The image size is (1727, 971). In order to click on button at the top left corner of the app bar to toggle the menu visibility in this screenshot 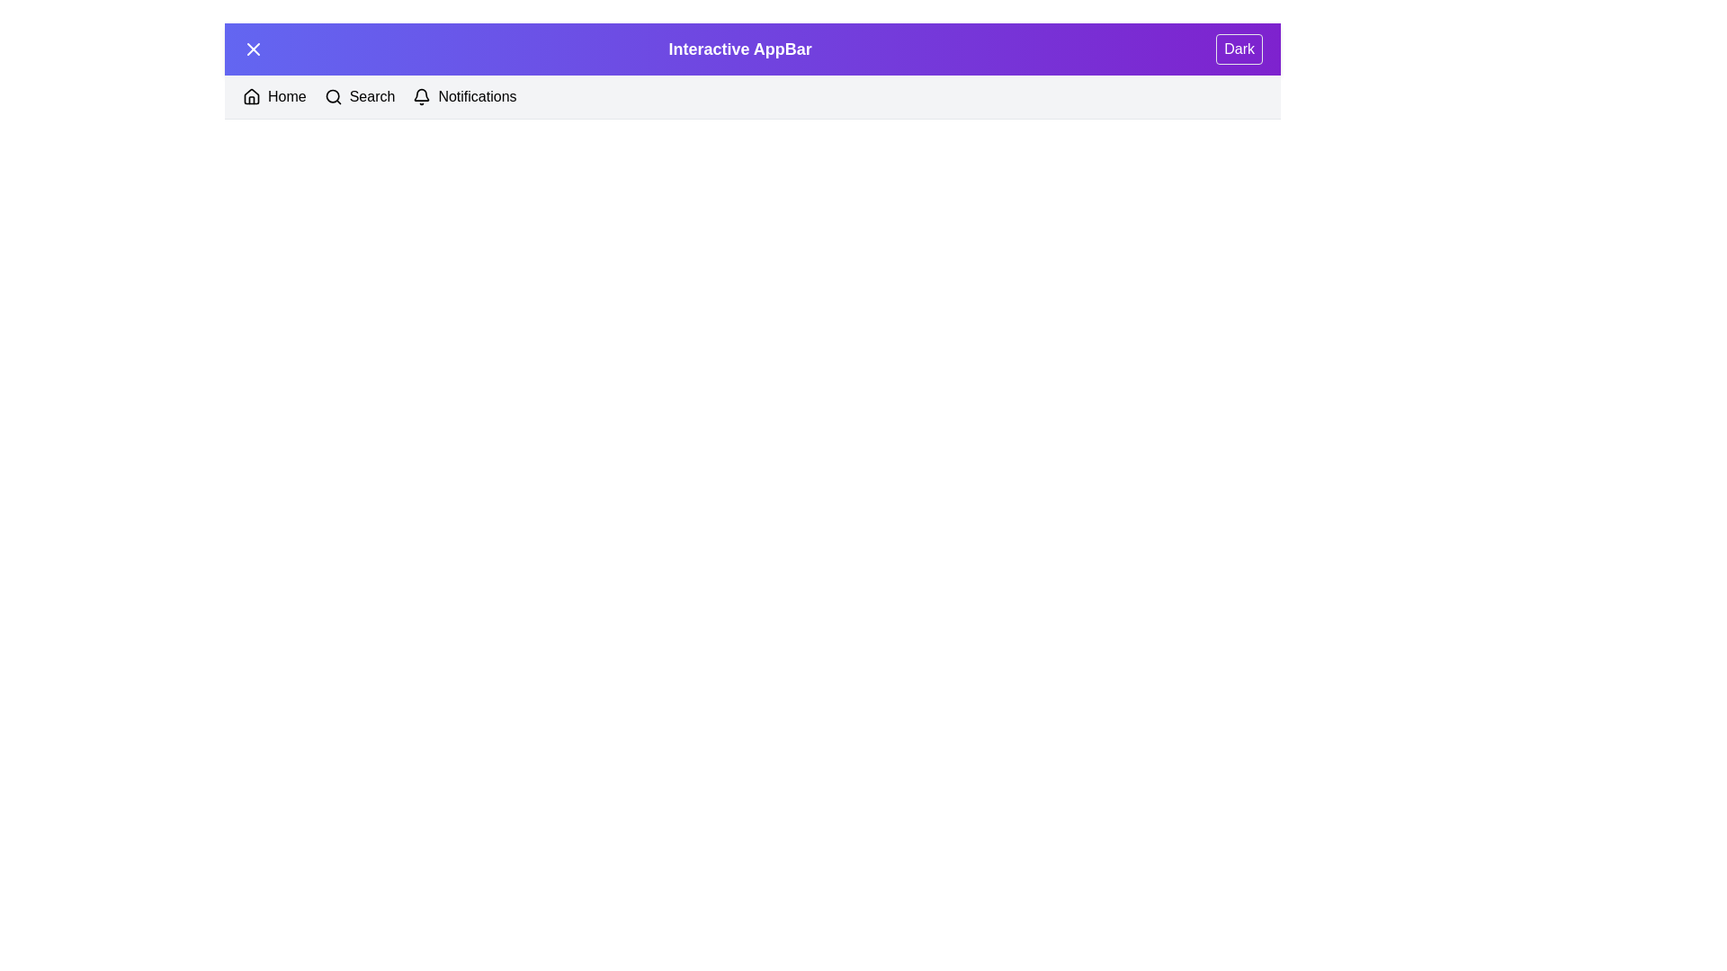, I will do `click(253, 48)`.